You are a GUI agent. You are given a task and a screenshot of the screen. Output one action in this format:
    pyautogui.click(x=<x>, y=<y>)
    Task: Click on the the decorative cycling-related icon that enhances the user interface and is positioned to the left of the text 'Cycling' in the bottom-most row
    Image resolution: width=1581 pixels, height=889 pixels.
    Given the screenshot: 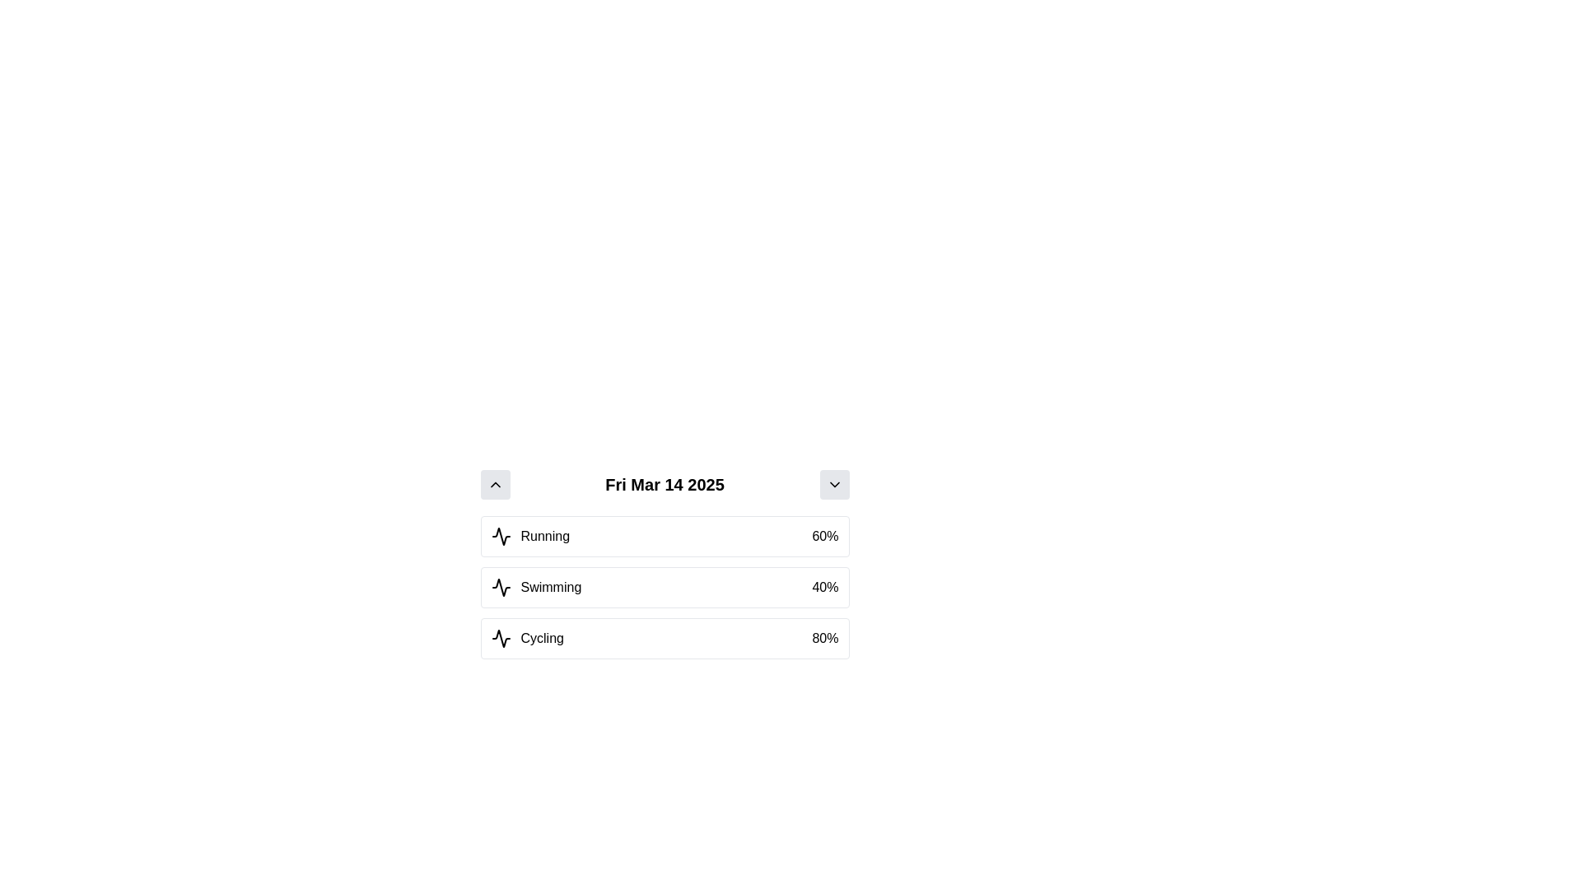 What is the action you would take?
    pyautogui.click(x=500, y=637)
    